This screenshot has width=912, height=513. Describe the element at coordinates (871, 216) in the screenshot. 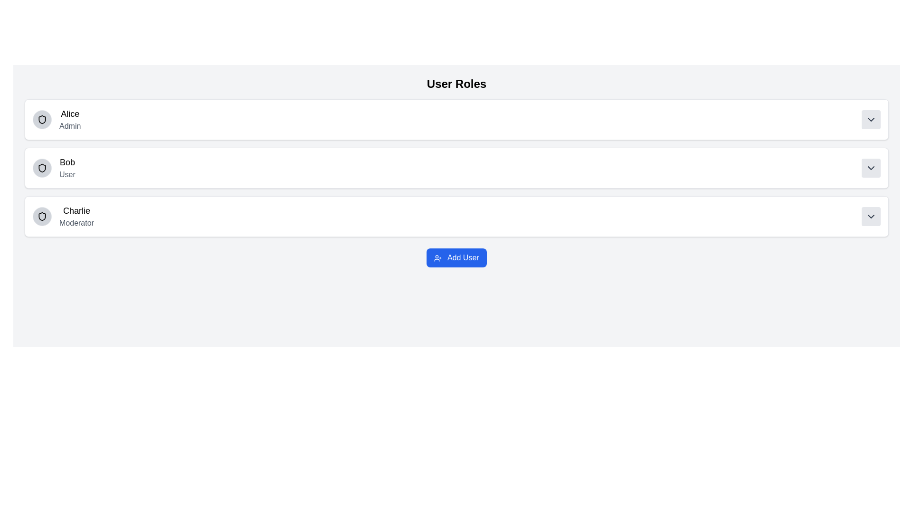

I see `the small downward-facing chevron icon inside the dropdown button associated with the list item labeled 'Charlie' and 'Moderator'` at that location.